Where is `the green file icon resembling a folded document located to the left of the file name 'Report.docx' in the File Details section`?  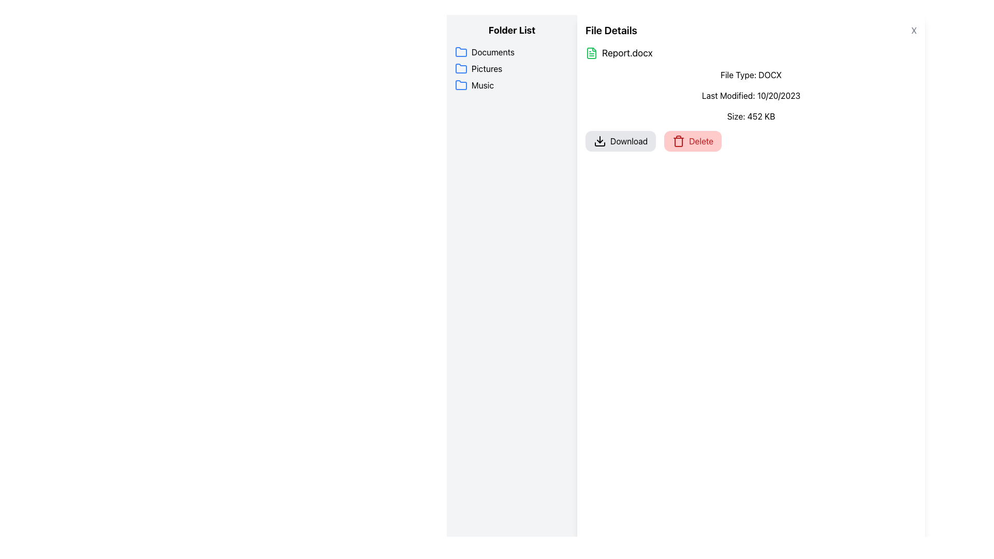
the green file icon resembling a folded document located to the left of the file name 'Report.docx' in the File Details section is located at coordinates (591, 53).